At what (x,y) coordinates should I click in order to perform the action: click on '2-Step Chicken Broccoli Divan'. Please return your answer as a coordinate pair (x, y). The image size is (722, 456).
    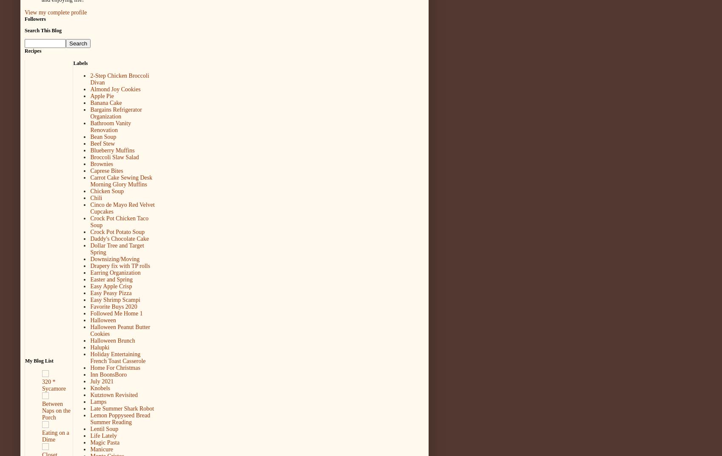
    Looking at the image, I should click on (119, 79).